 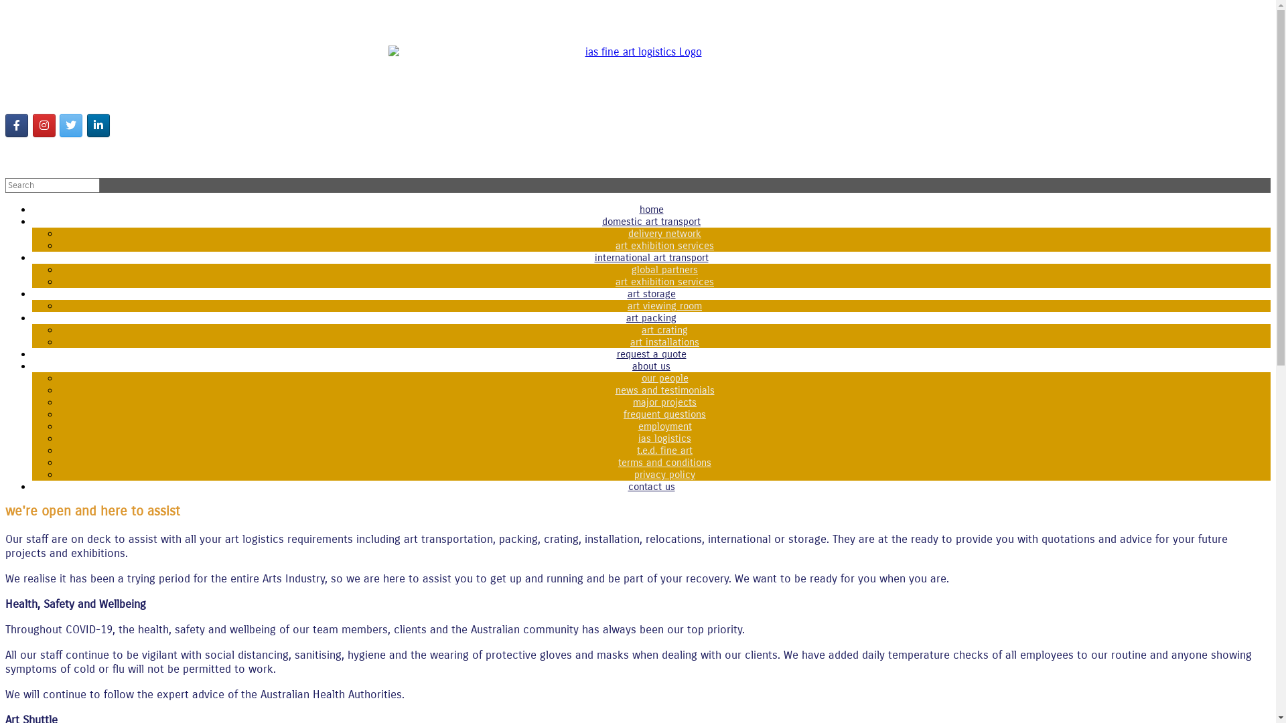 What do you see at coordinates (664, 438) in the screenshot?
I see `'ias logistics'` at bounding box center [664, 438].